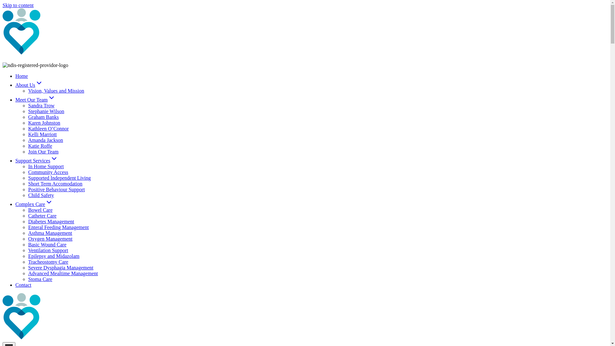 The height and width of the screenshot is (346, 615). Describe the element at coordinates (58, 227) in the screenshot. I see `'Enteral Feeding Management'` at that location.